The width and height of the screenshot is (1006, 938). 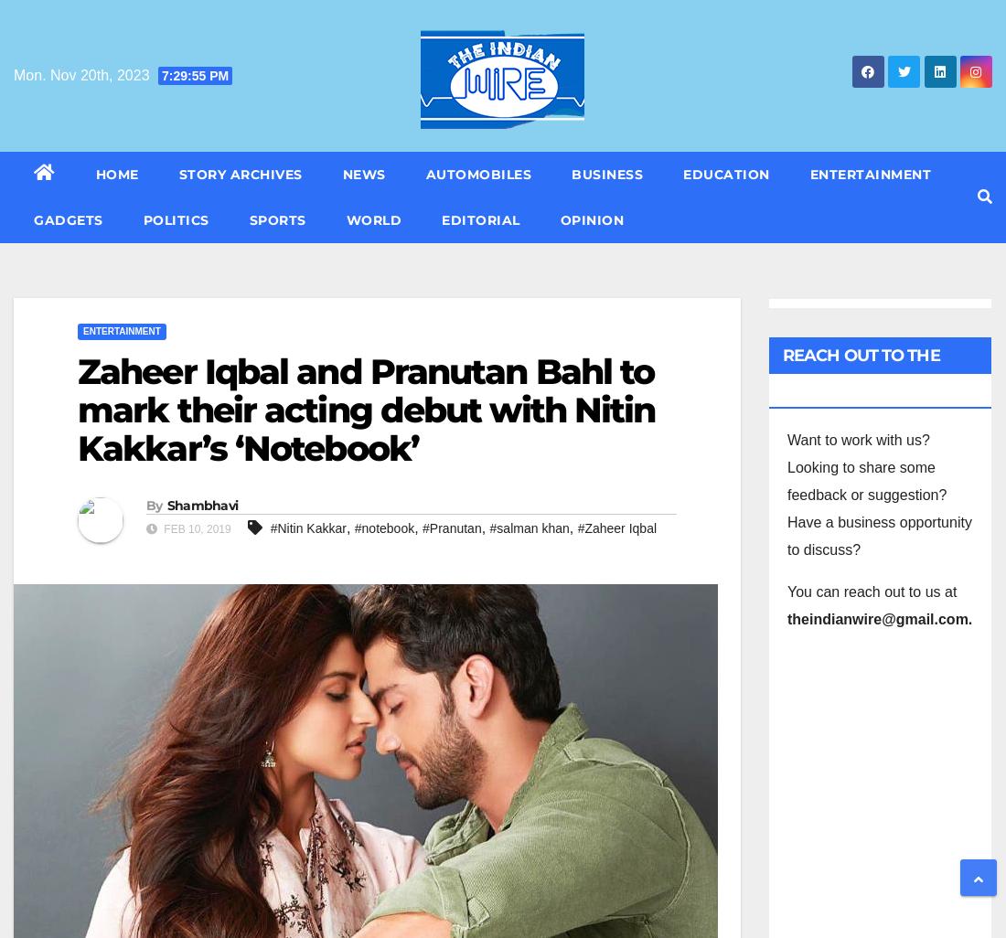 I want to click on 'Editorial', so click(x=480, y=220).